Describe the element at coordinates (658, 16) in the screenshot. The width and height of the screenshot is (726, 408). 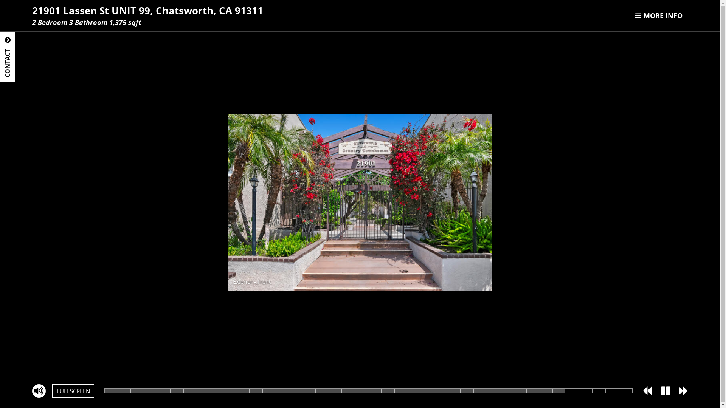
I see `'MORE INFO'` at that location.